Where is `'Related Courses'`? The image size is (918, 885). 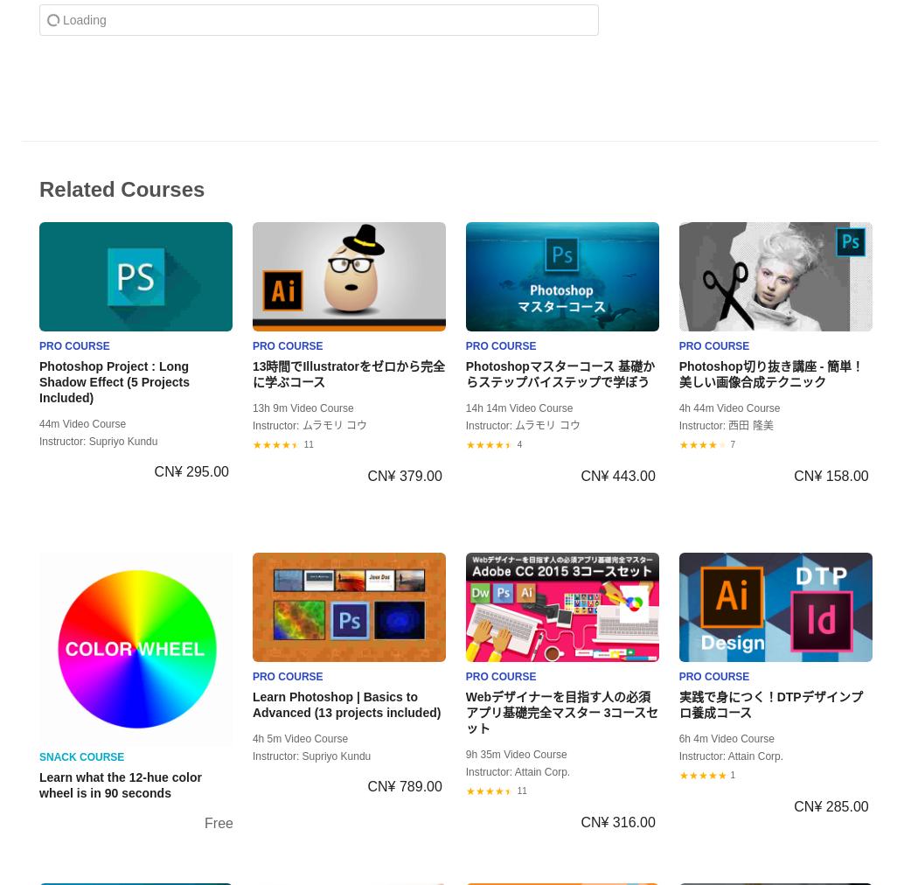
'Related Courses' is located at coordinates (121, 189).